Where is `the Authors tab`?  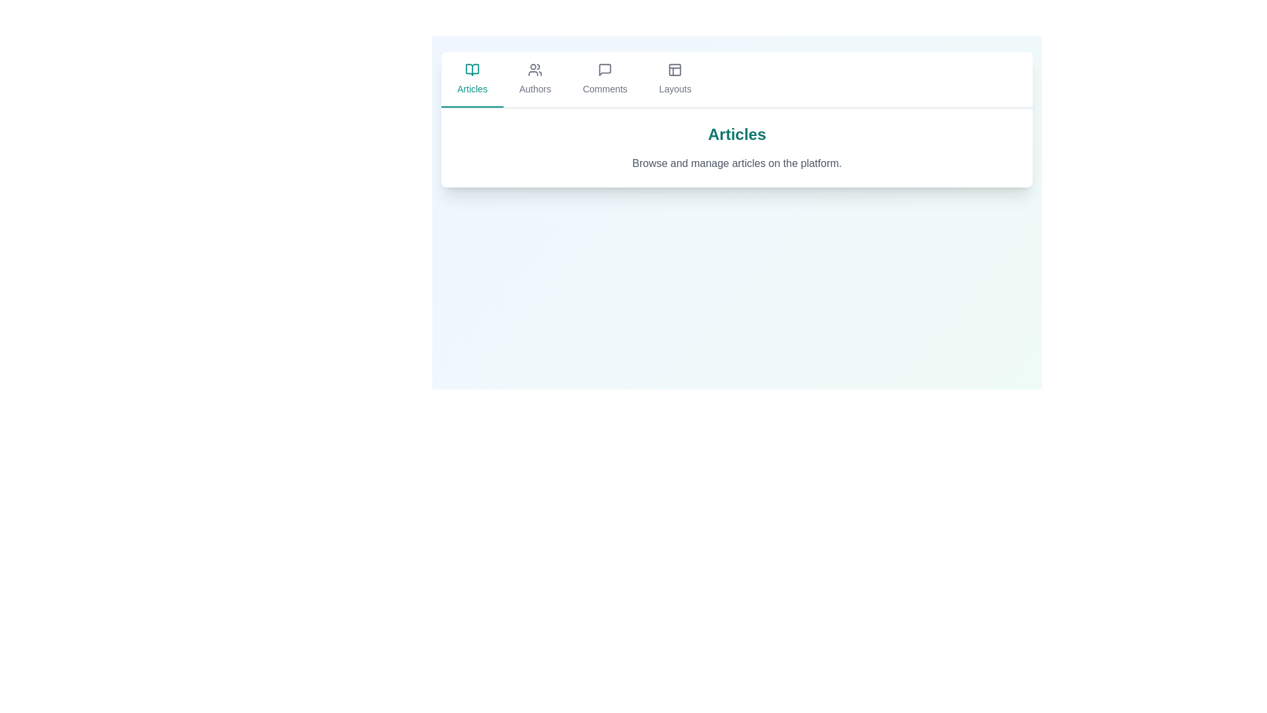
the Authors tab is located at coordinates (535, 79).